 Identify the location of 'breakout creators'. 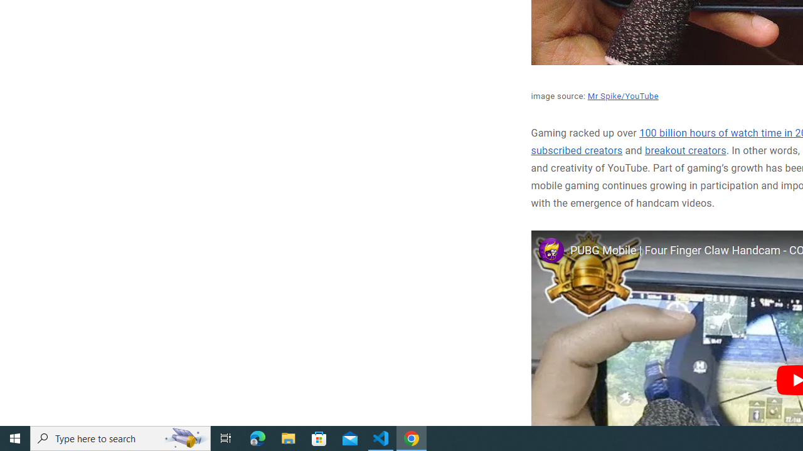
(685, 150).